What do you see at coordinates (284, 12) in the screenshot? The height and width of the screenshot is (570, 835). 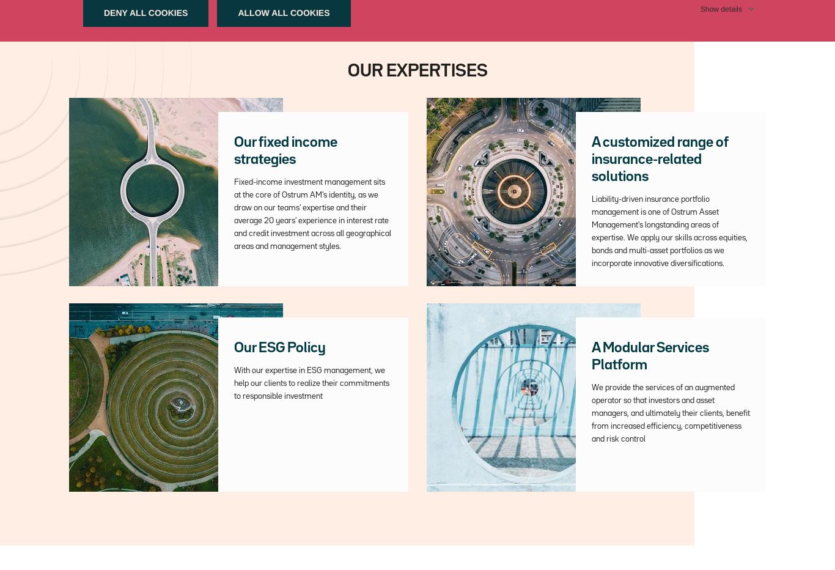 I see `'Allow all cookies'` at bounding box center [284, 12].